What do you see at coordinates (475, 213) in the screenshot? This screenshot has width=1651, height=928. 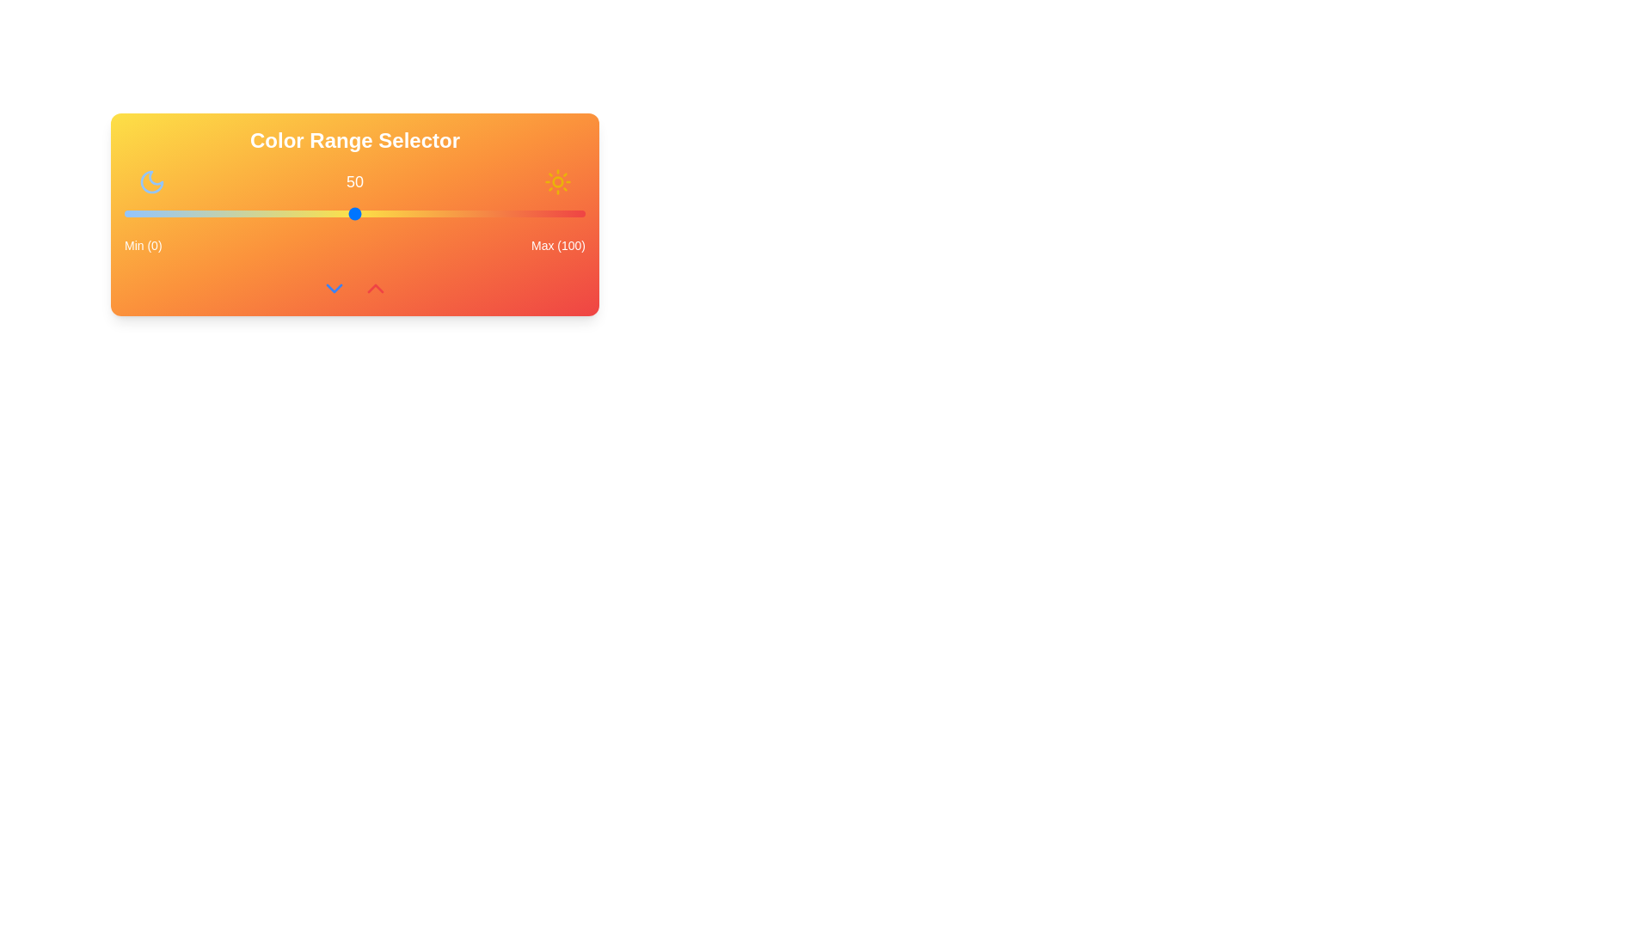 I see `the slider to set the value to 76` at bounding box center [475, 213].